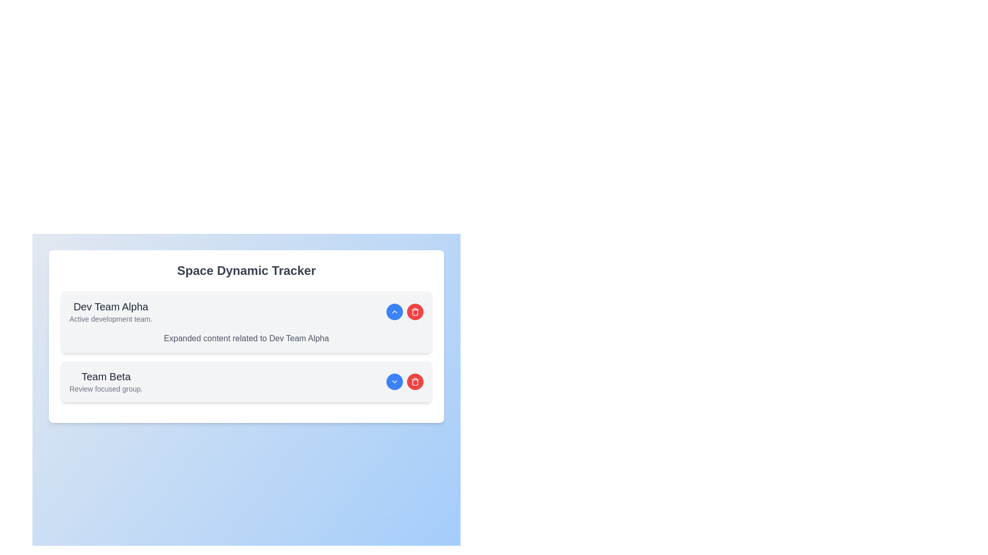 This screenshot has width=988, height=555. I want to click on the delete button located at the end of the horizontal layout, slightly to the right of a blue circular button with a downwards arrow, so click(415, 382).